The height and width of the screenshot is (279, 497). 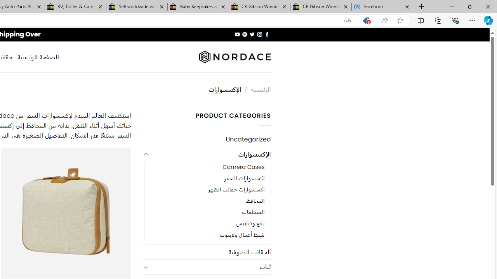 What do you see at coordinates (472, 20) in the screenshot?
I see `'Settings and more (Alt+F)'` at bounding box center [472, 20].